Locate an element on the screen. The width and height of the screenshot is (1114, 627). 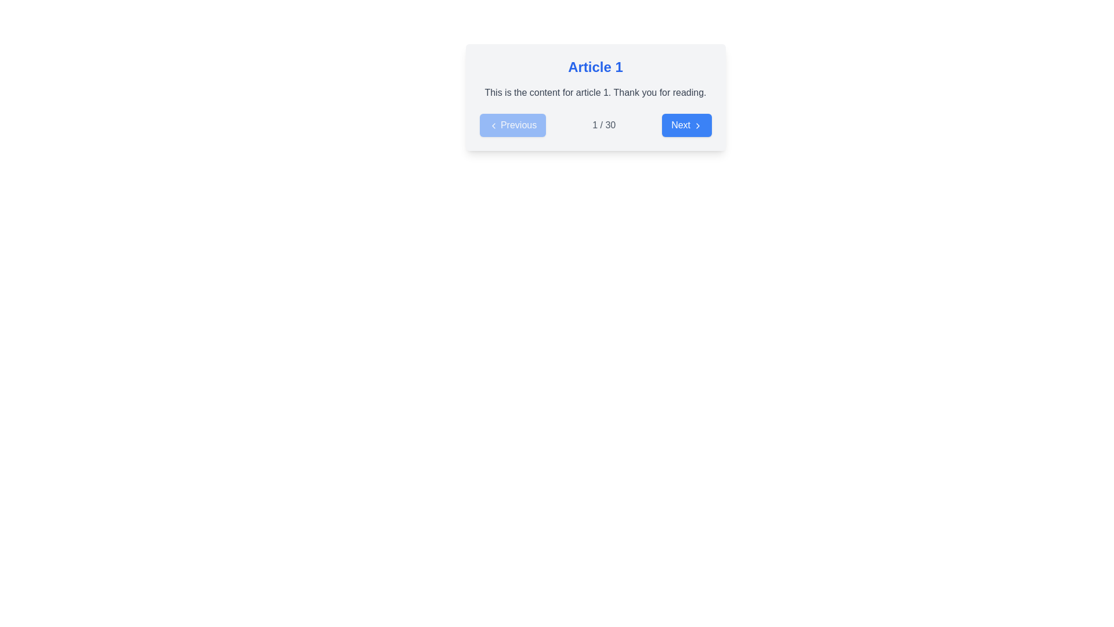
the navigation button located at the right edge of the horizontal navigation bar to move to the next item is located at coordinates (686, 125).